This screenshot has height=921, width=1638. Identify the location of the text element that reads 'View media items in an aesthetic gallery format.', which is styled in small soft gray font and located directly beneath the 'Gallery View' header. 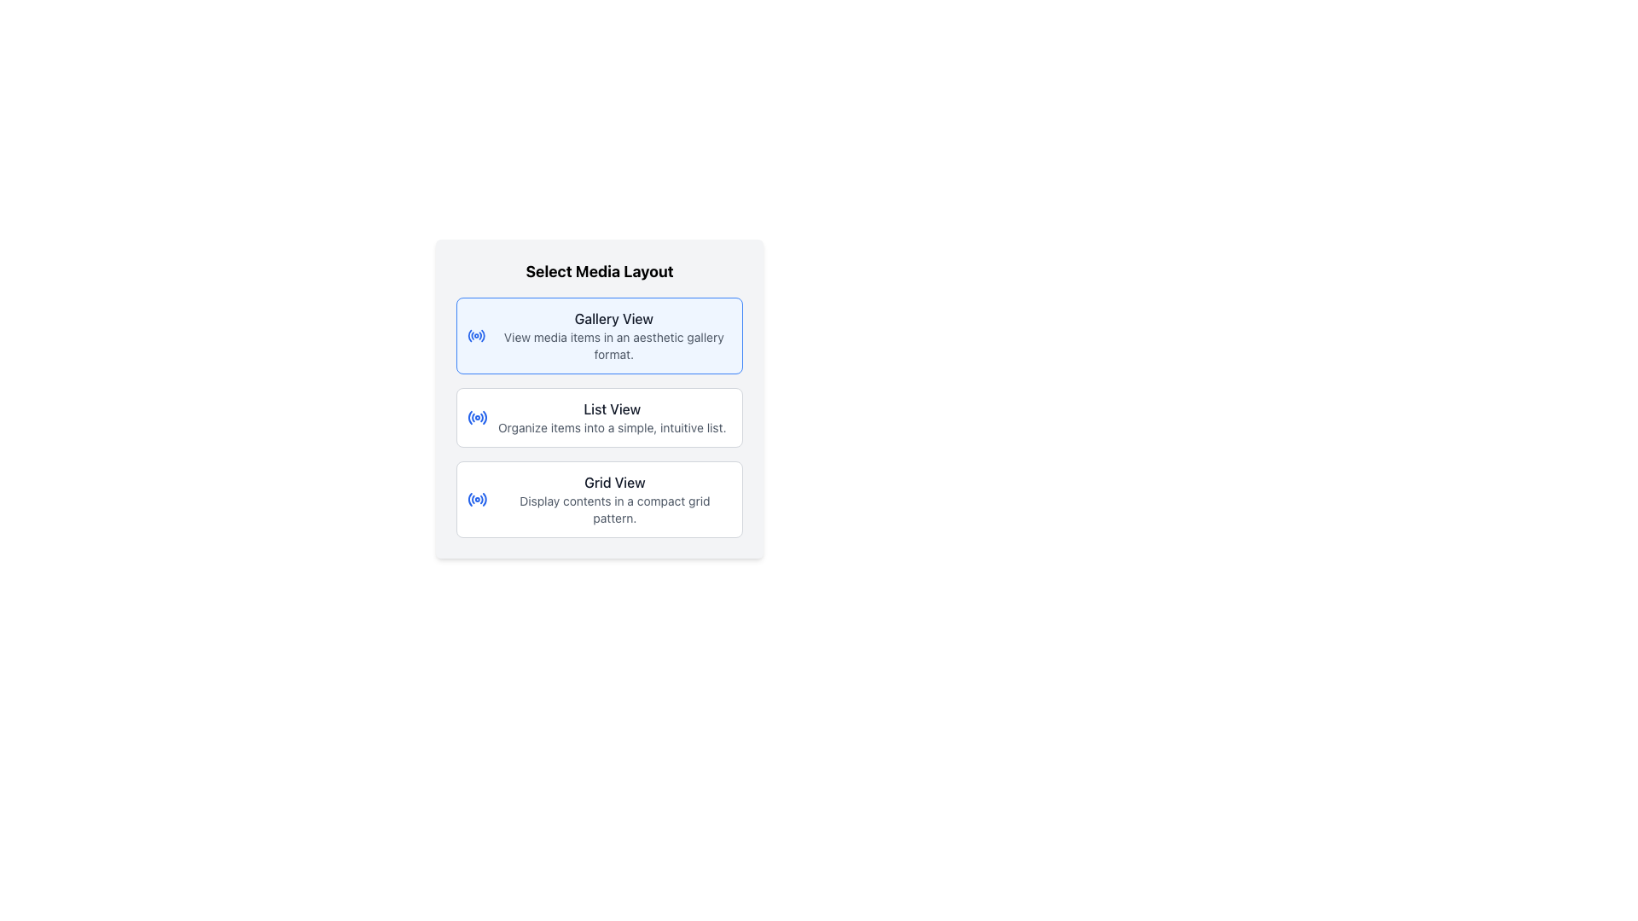
(613, 345).